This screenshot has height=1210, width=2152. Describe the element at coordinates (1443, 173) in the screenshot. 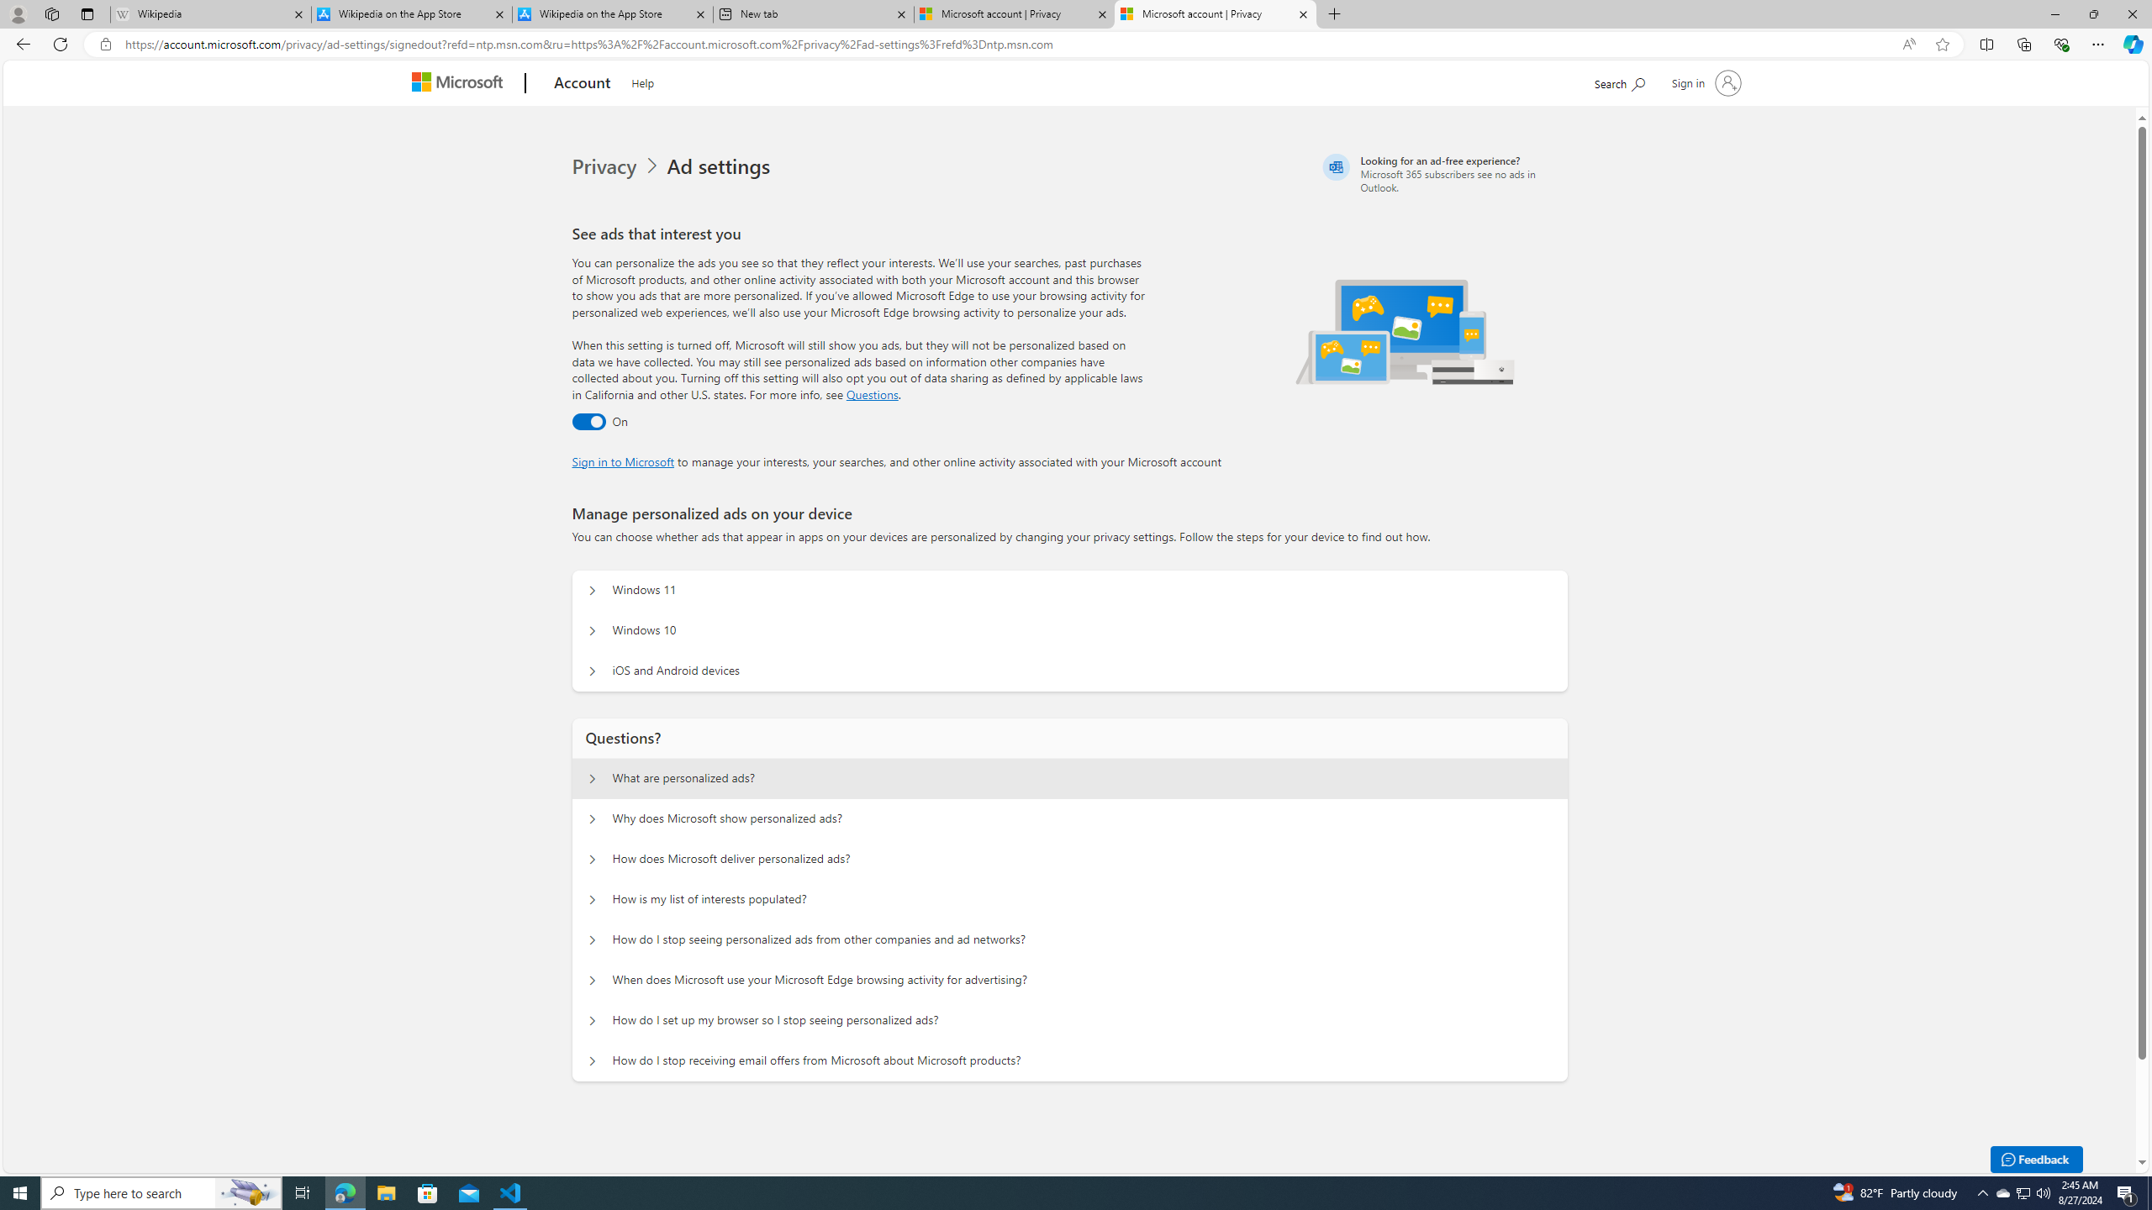

I see `'Looking for an ad-free experience?'` at that location.